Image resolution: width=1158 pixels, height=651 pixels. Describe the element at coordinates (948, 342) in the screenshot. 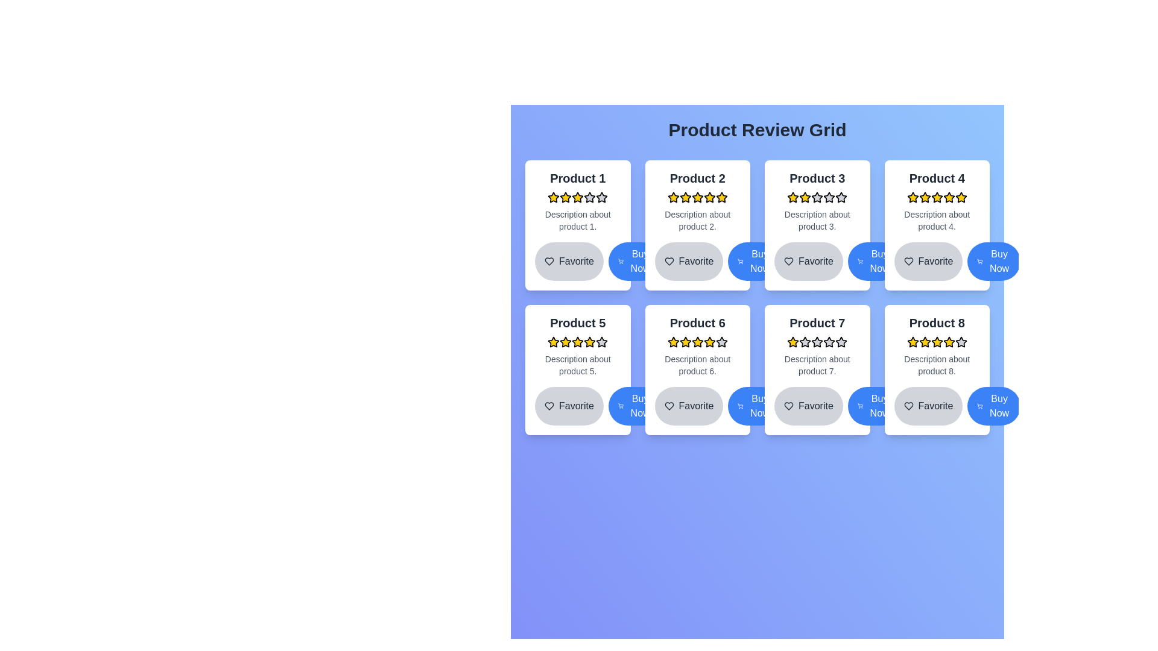

I see `the fourth star icon in the rating section of 'Product 8' to modify the rating` at that location.